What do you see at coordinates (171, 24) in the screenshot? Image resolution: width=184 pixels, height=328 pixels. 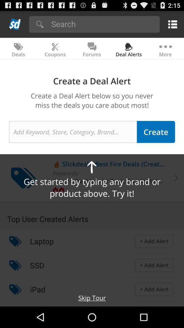 I see `open menu` at bounding box center [171, 24].